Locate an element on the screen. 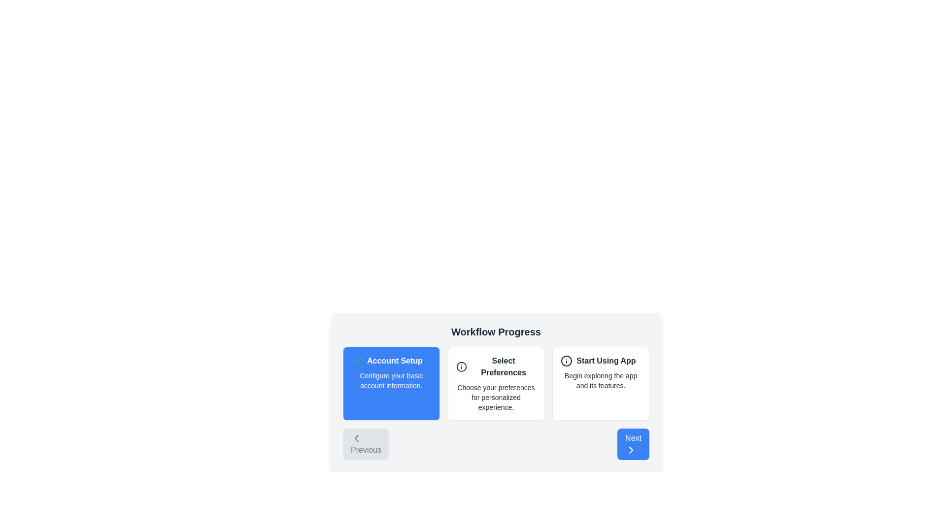 The width and height of the screenshot is (946, 532). the forward action icon located to the right of the blue 'Next' button at the bottom-right of the workflow progress section is located at coordinates (631, 450).